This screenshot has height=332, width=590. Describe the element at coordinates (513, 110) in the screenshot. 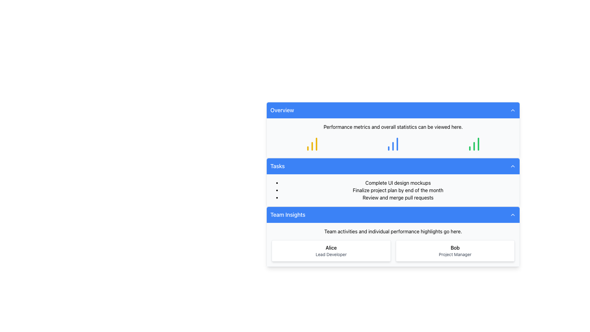

I see `the upward chevron icon located at the right end of the blue header labeled 'Overview'` at that location.